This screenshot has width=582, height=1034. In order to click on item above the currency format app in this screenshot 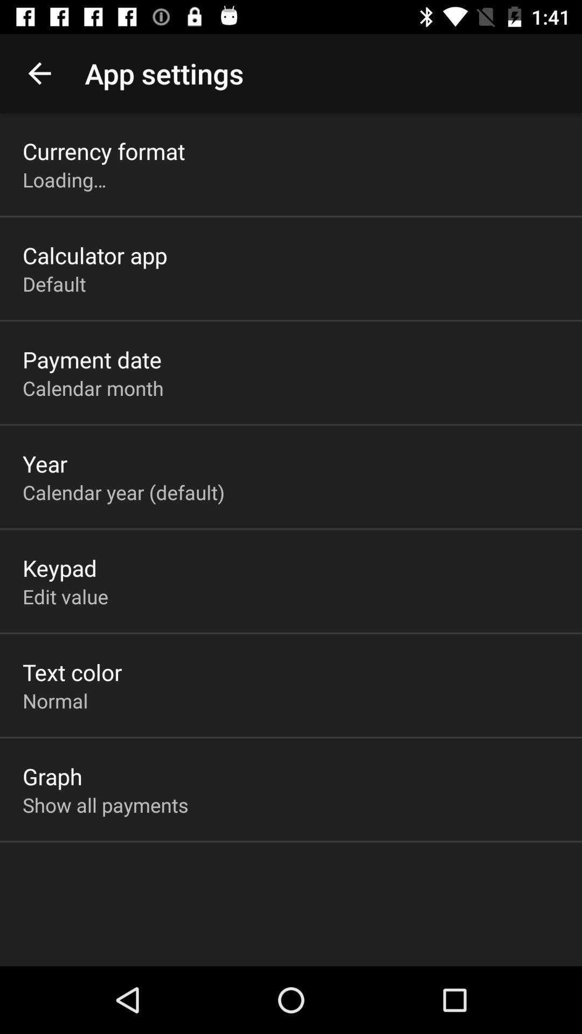, I will do `click(39, 73)`.